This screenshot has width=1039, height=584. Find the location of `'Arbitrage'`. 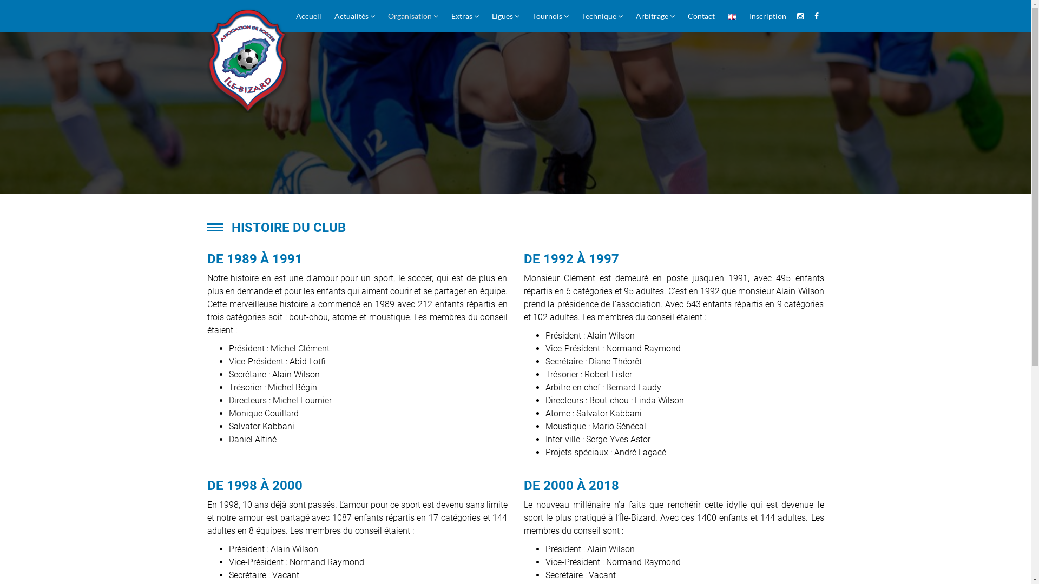

'Arbitrage' is located at coordinates (654, 16).